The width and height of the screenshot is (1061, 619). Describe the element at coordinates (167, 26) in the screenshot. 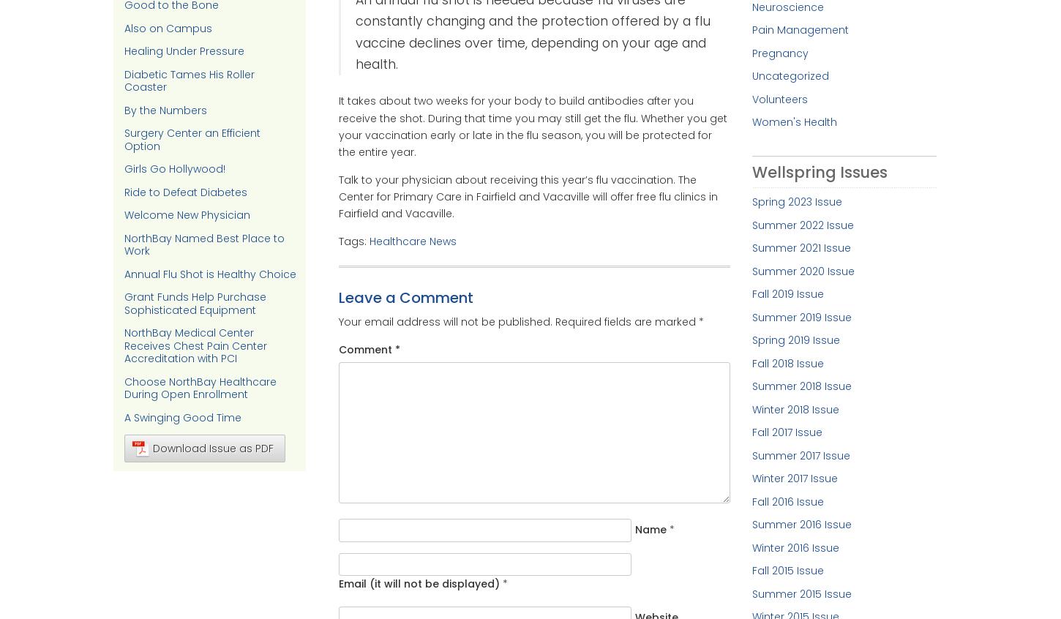

I see `'Also on Campus'` at that location.